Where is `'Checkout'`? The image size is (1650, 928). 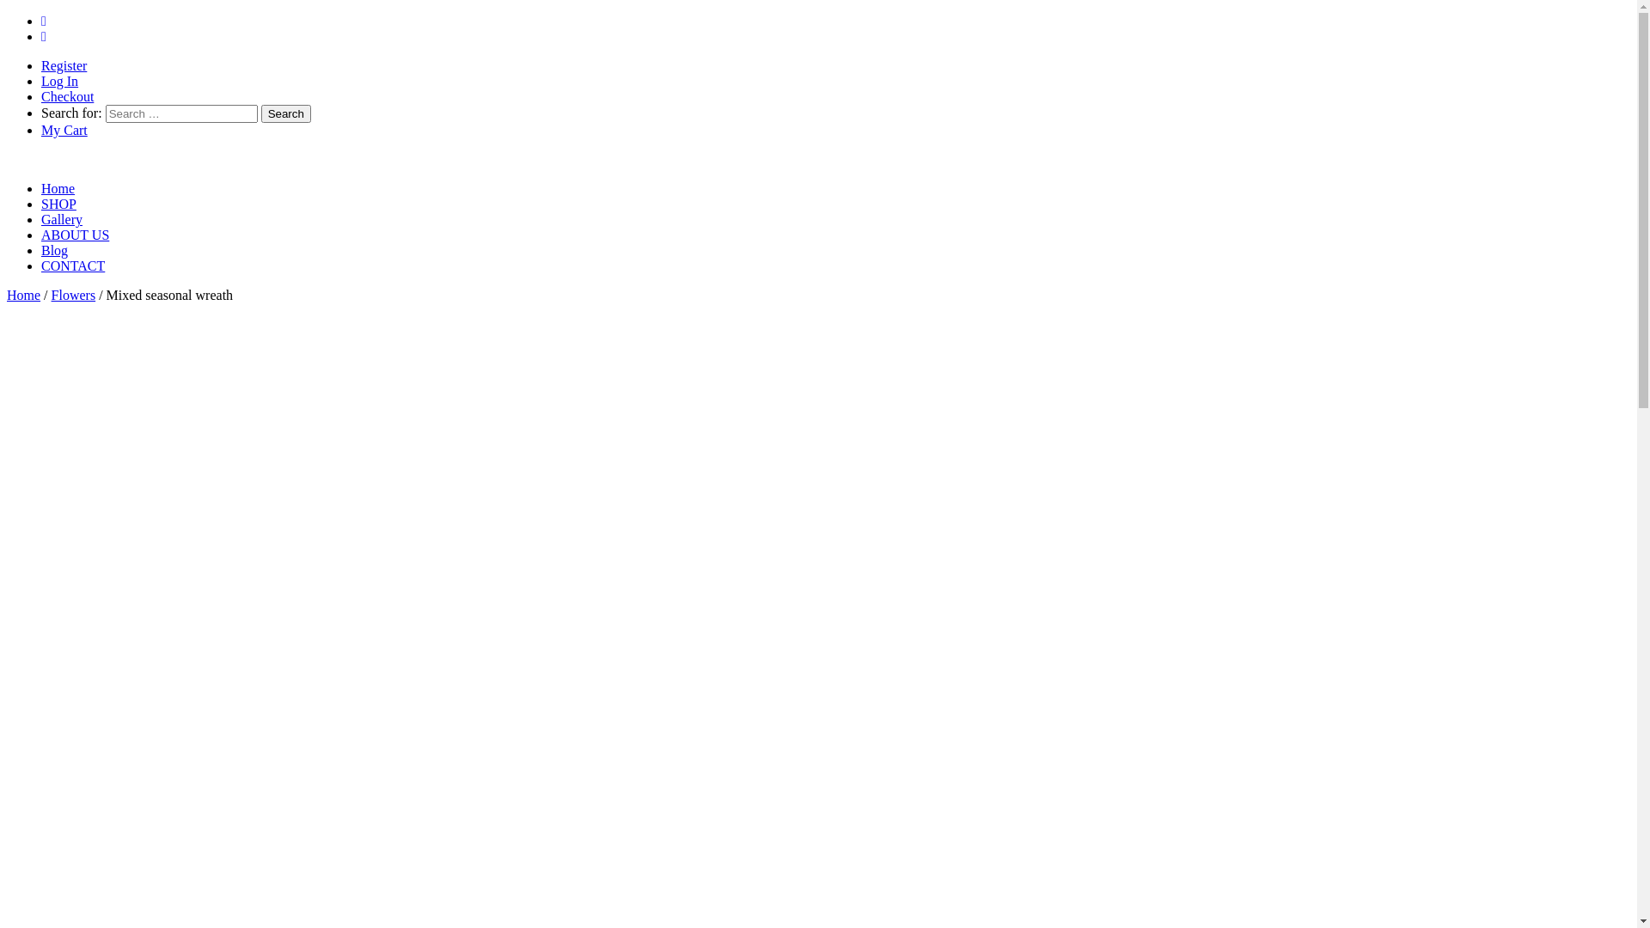 'Checkout' is located at coordinates (67, 96).